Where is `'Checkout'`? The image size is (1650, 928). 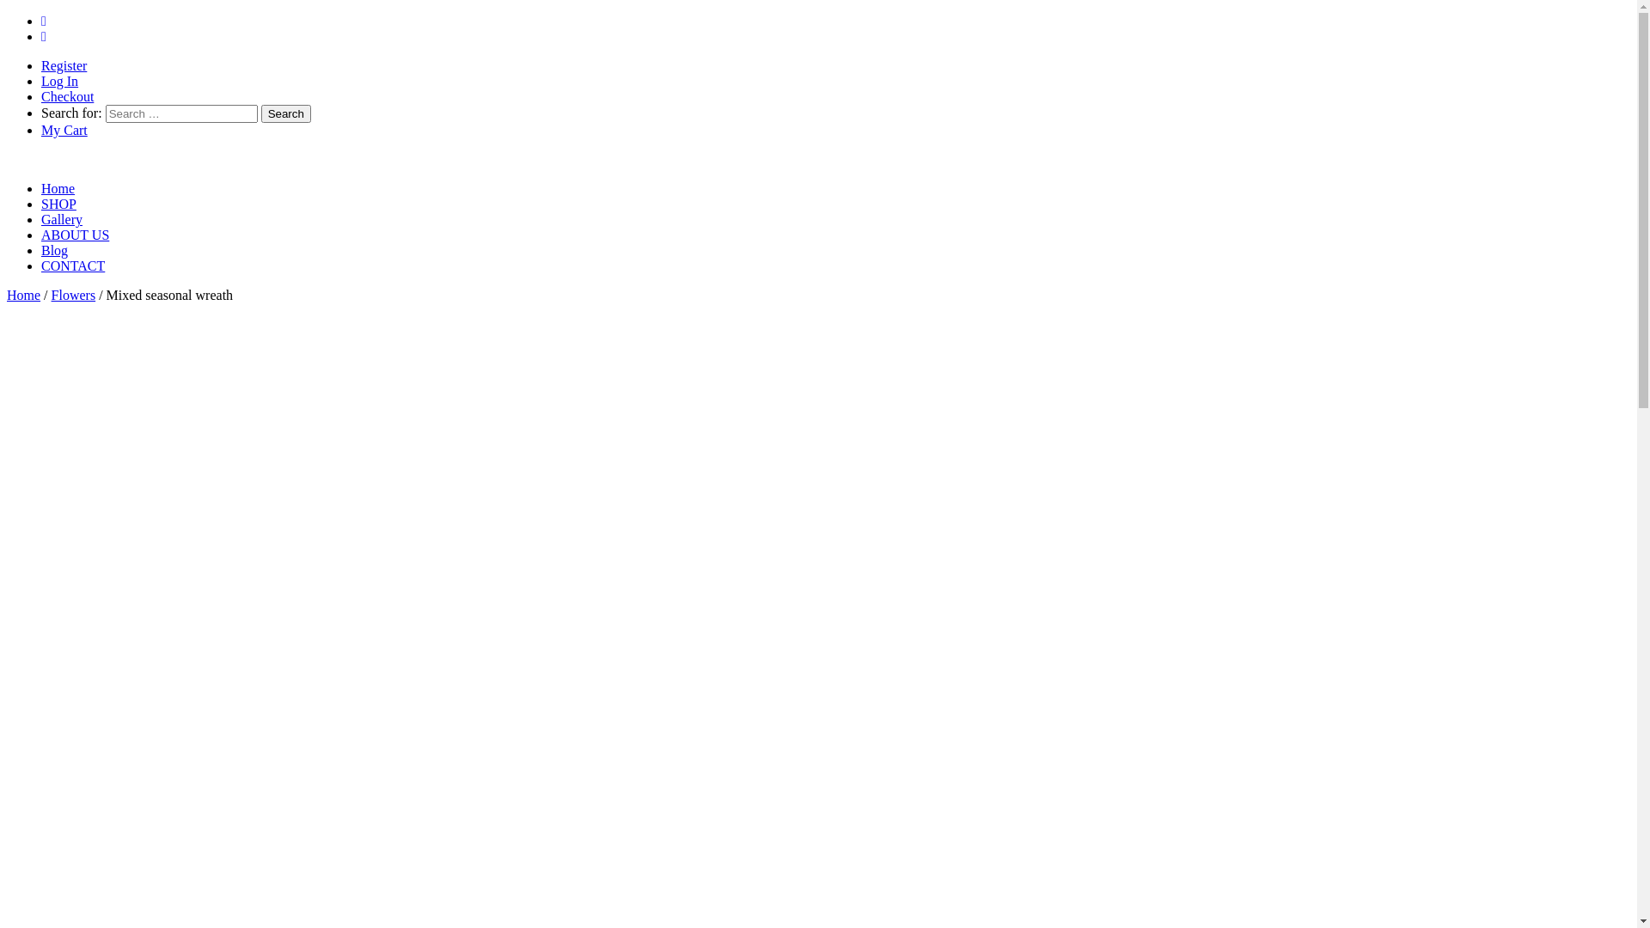 'Checkout' is located at coordinates (67, 96).